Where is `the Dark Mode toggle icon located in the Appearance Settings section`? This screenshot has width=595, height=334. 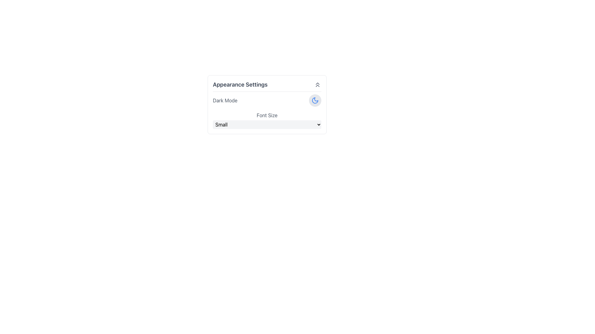 the Dark Mode toggle icon located in the Appearance Settings section is located at coordinates (315, 100).